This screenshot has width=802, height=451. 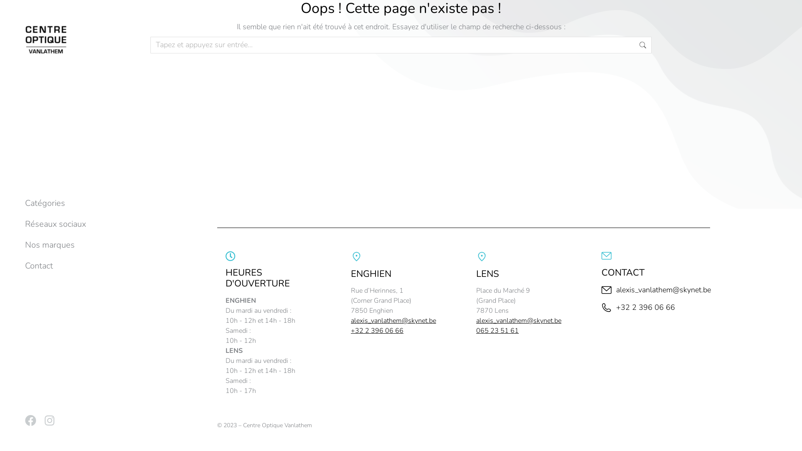 What do you see at coordinates (651, 289) in the screenshot?
I see `'alexis_vanlathem@skynet.be'` at bounding box center [651, 289].